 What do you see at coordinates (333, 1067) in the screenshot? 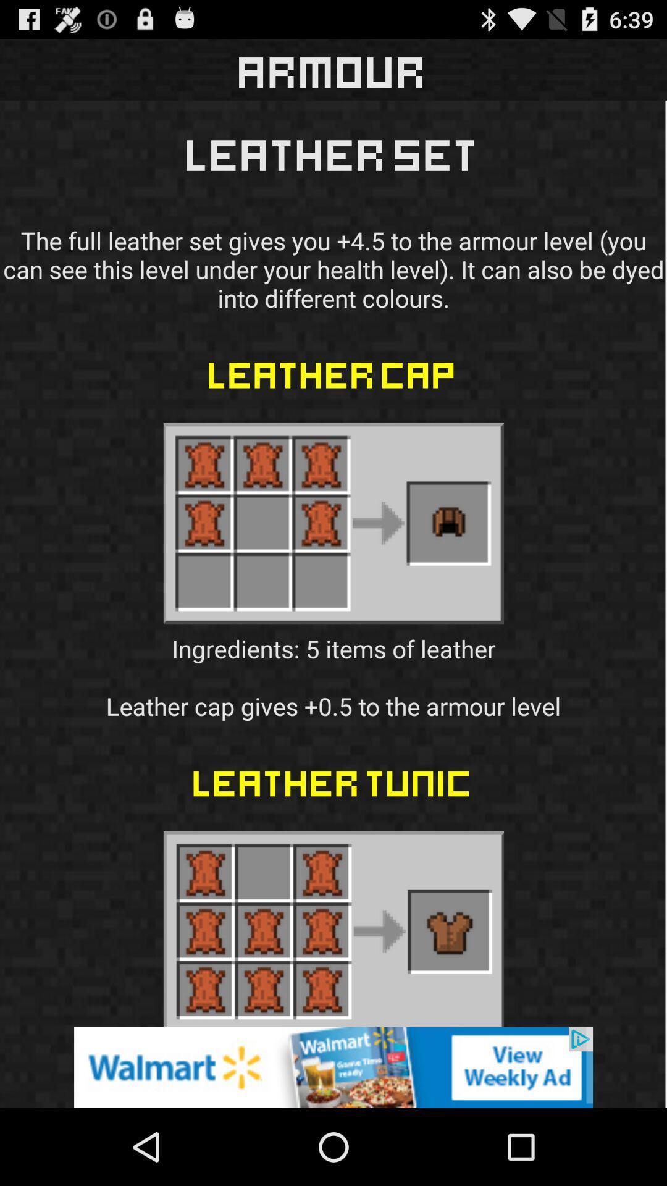
I see `advertisement` at bounding box center [333, 1067].